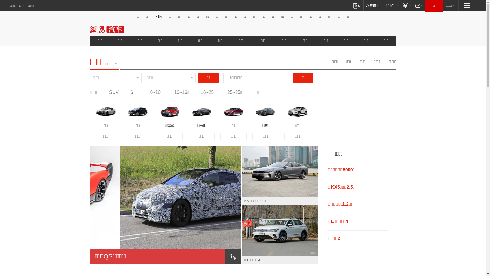 This screenshot has width=490, height=276. I want to click on 'NBA', so click(154, 16).